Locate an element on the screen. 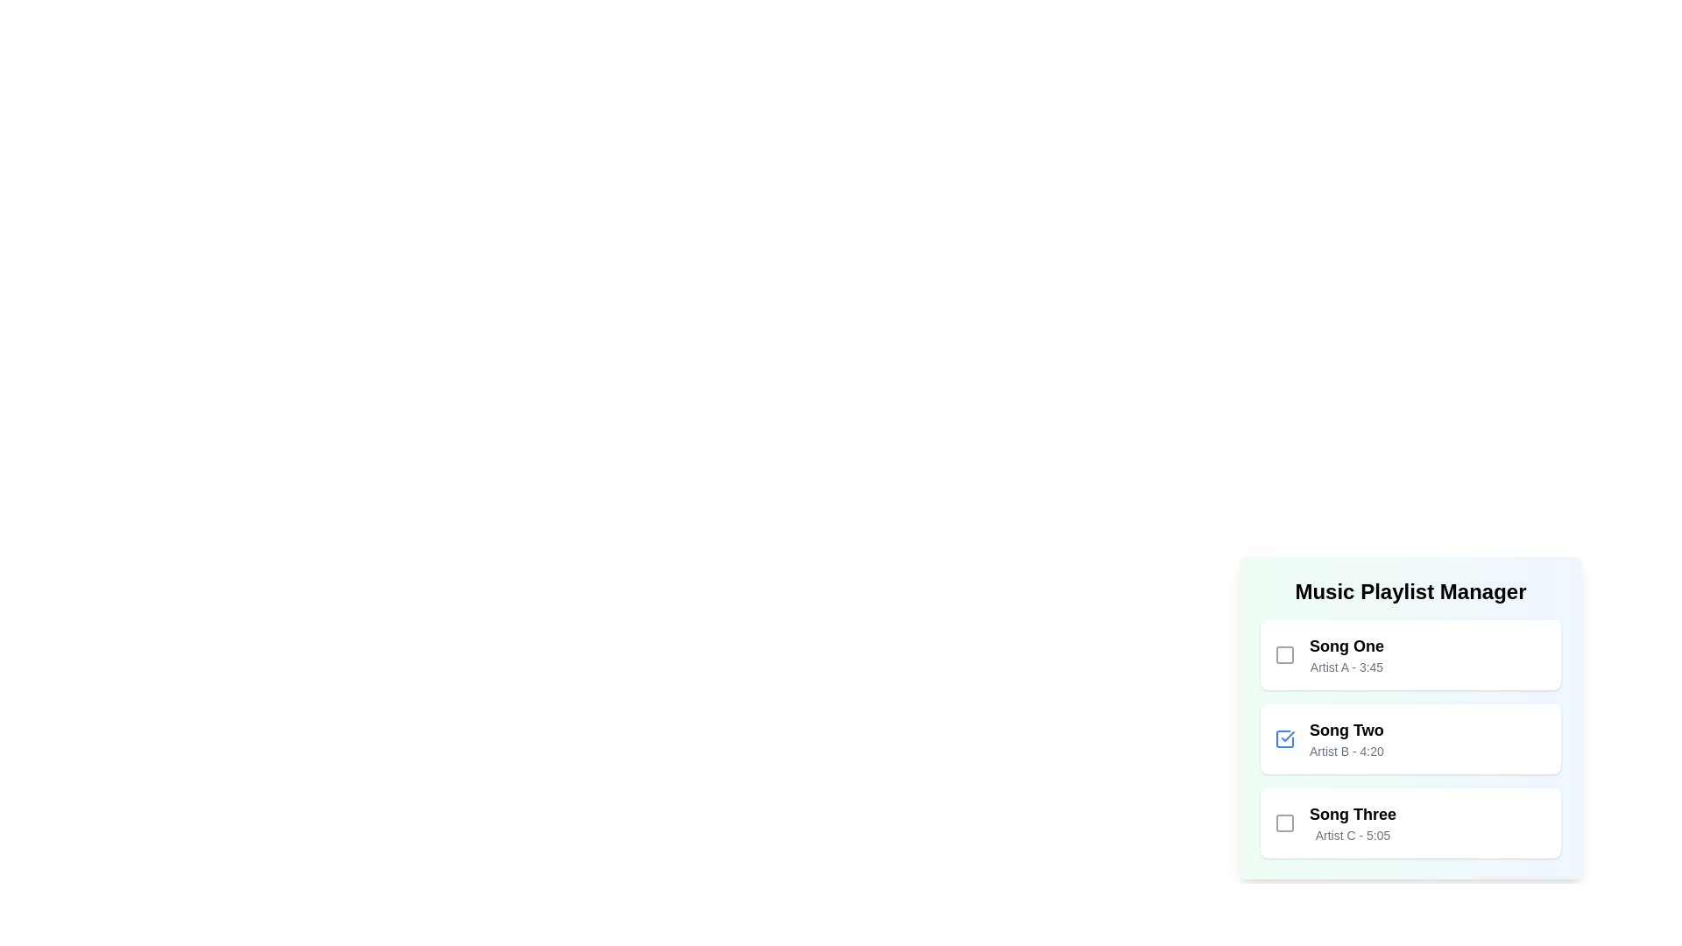  the text block displaying 'Song One' and 'Artist A - 3:45', which is positioned at the top of a vertical list of cards, to the right of a checkbox is located at coordinates (1346, 655).